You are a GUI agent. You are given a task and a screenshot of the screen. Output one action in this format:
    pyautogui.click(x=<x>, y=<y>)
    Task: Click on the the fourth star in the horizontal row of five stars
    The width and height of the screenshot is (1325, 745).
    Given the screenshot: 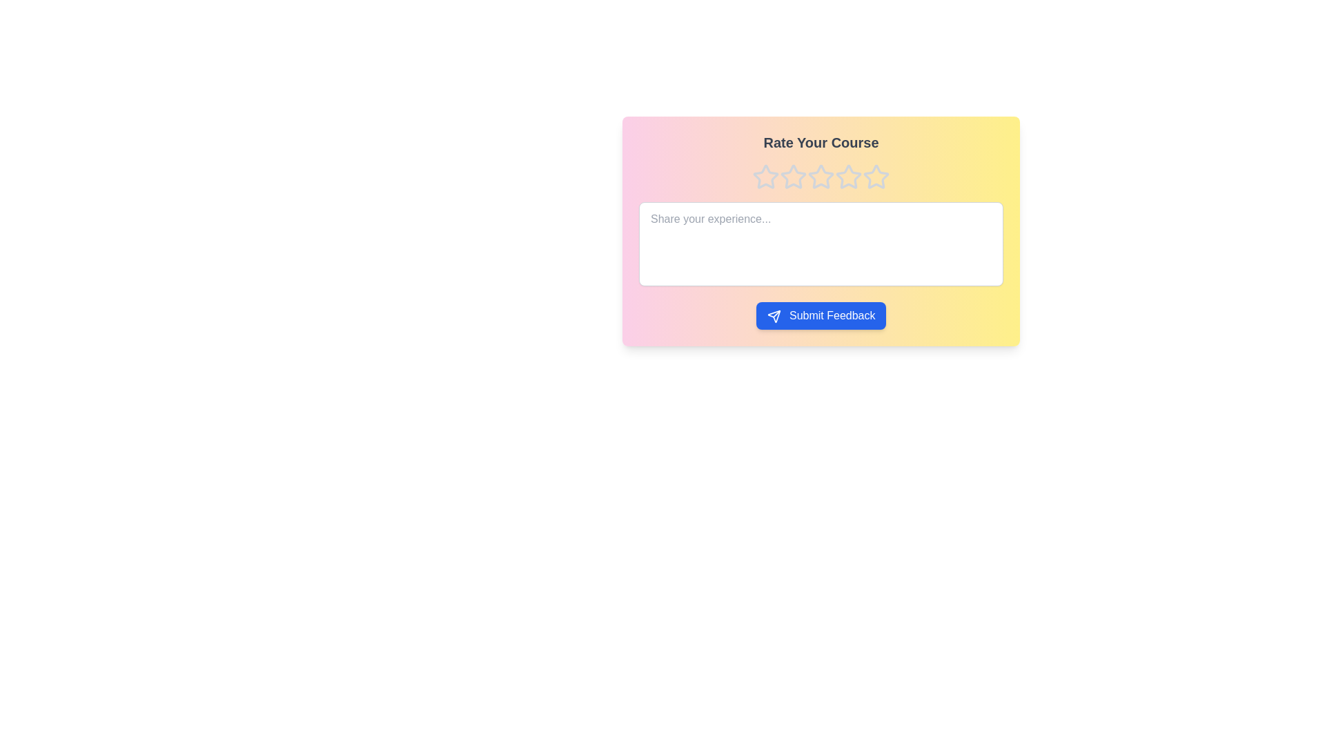 What is the action you would take?
    pyautogui.click(x=847, y=177)
    